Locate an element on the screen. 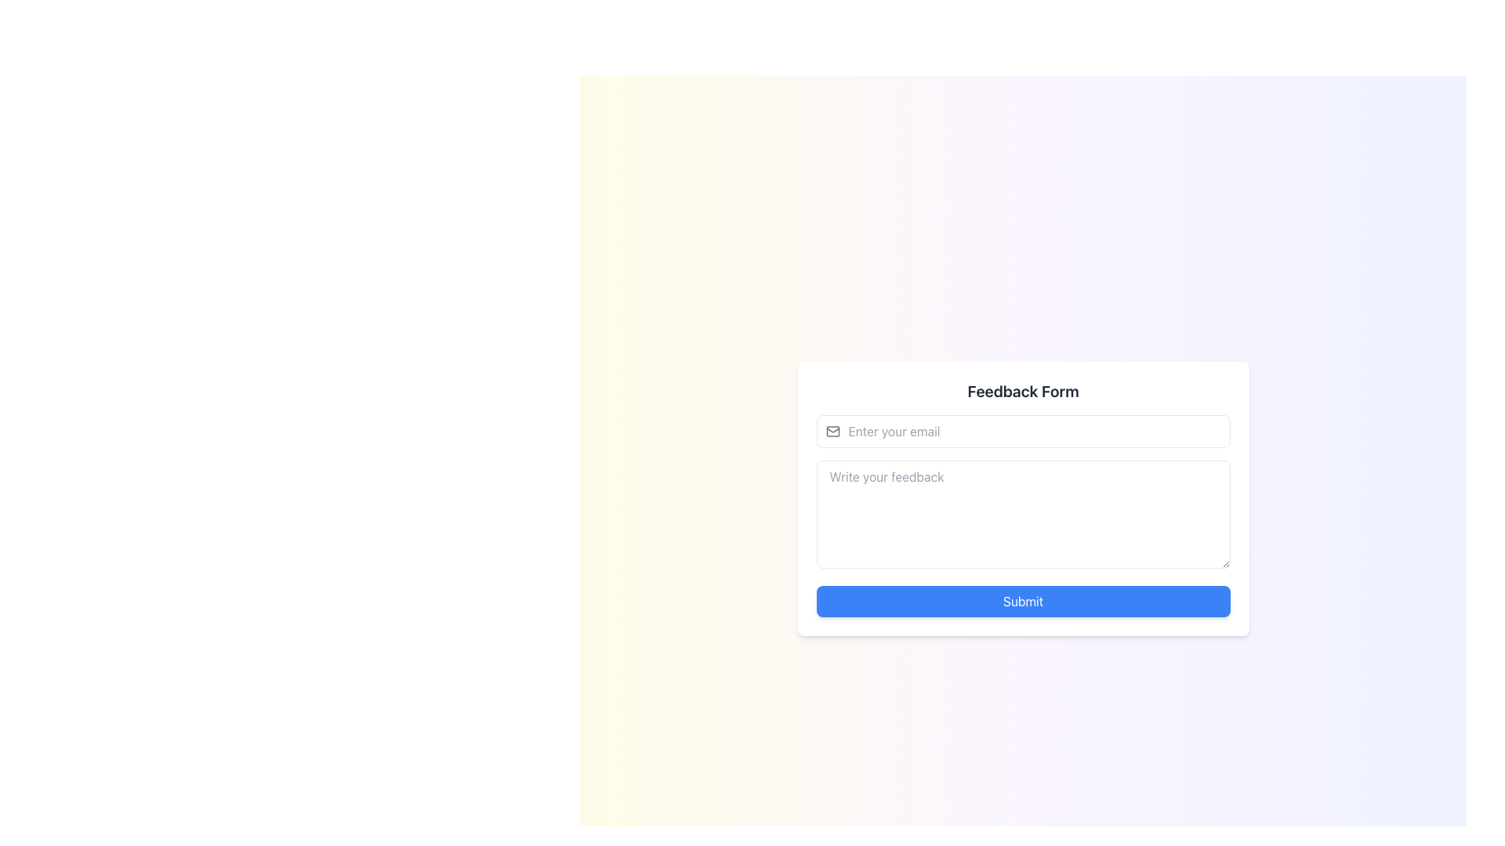  the title or heading text of the feedback form, which is positioned at the top of the card-like interface, above the email input field and feedback text area is located at coordinates (1023, 391).